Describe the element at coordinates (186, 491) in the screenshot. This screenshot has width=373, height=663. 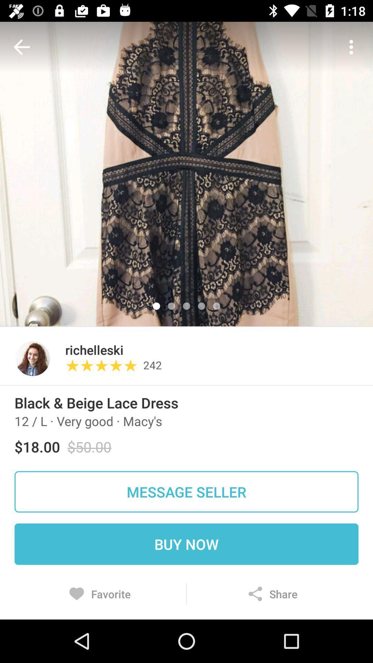
I see `the message seller` at that location.